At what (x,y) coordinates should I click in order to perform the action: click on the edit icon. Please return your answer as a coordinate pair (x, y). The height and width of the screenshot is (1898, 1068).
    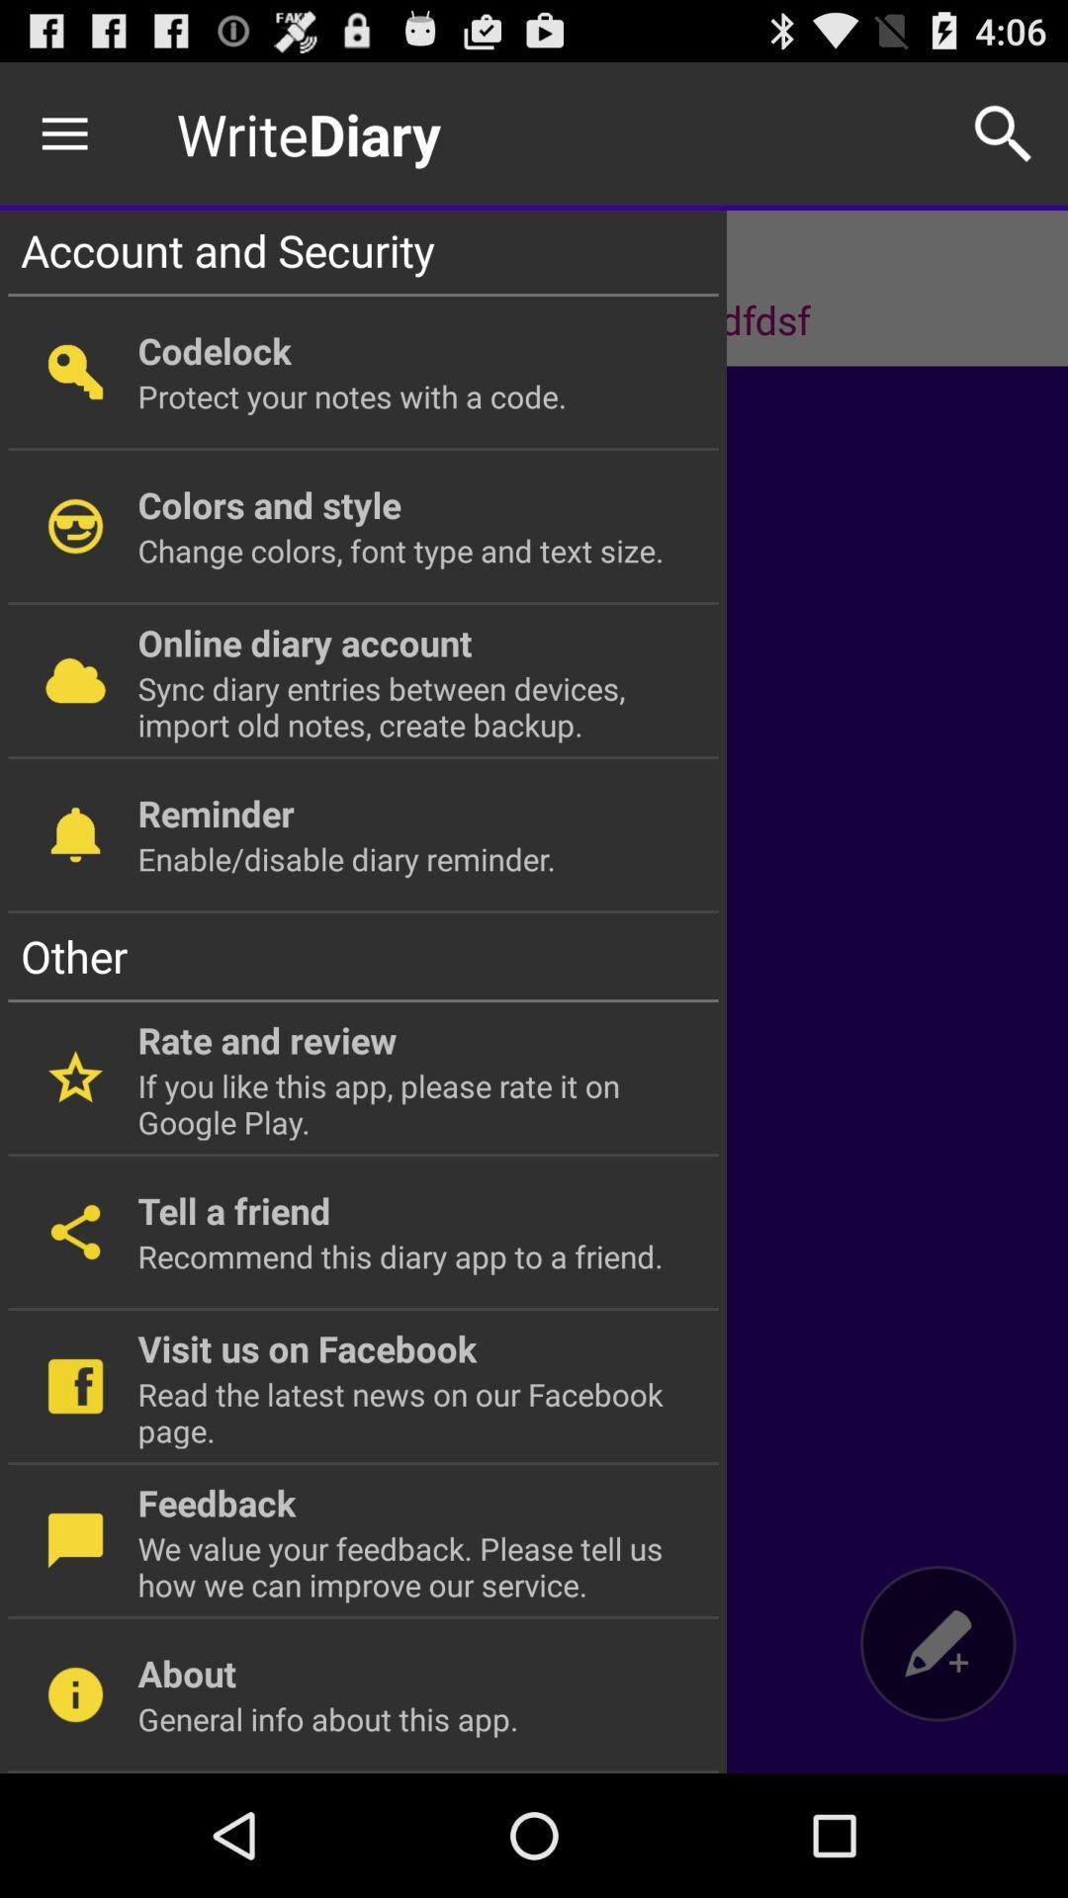
    Looking at the image, I should click on (936, 1759).